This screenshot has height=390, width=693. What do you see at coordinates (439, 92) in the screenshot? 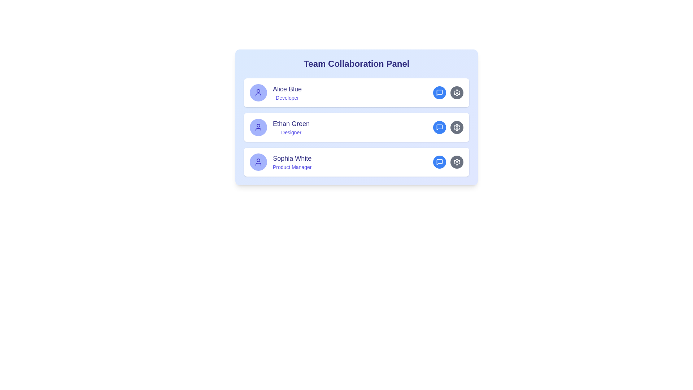
I see `the small circular button with a blue background and a white chat icon, located next to the 'Alice Blue' user entry` at bounding box center [439, 92].